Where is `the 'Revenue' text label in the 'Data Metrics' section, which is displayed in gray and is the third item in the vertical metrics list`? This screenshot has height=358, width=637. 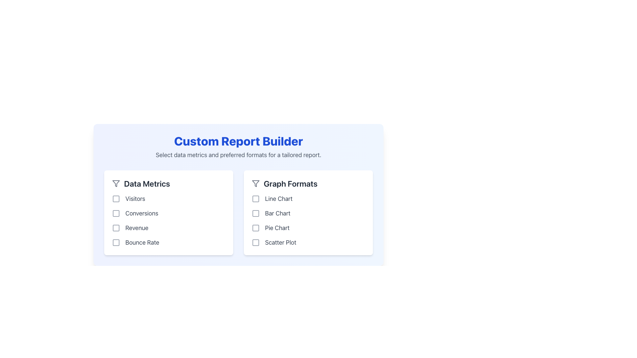
the 'Revenue' text label in the 'Data Metrics' section, which is displayed in gray and is the third item in the vertical metrics list is located at coordinates (136, 227).